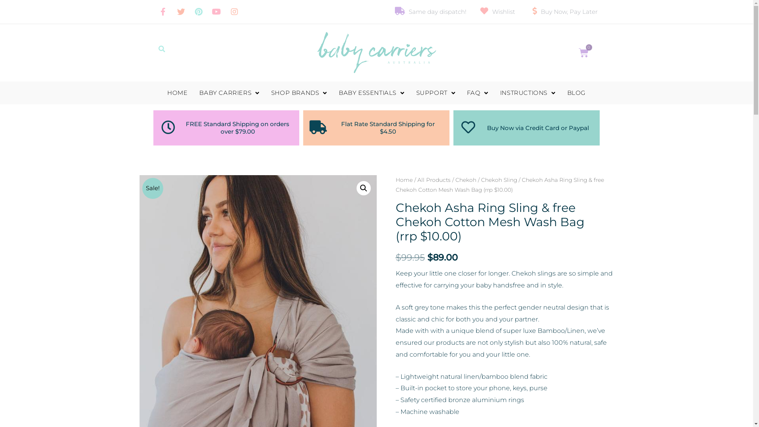  Describe the element at coordinates (435, 93) in the screenshot. I see `'SUPPORT'` at that location.